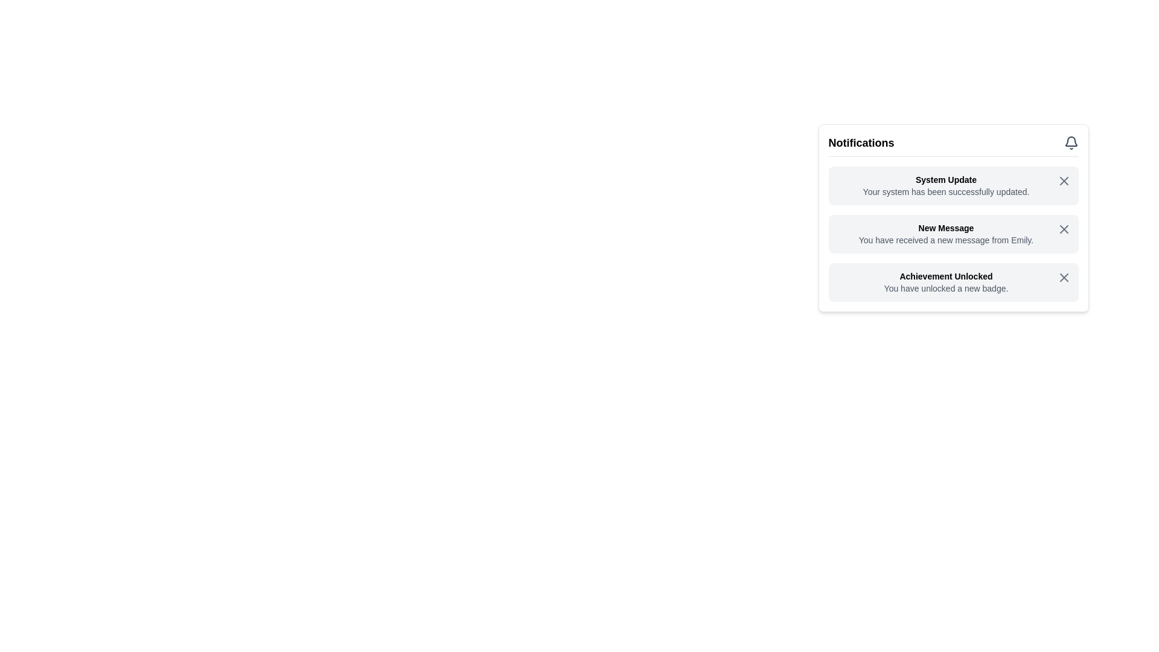 The height and width of the screenshot is (652, 1159). I want to click on the text label displaying 'Achievement Unlocked' in bold black font located within the third notification of the 'Notifications' panel, so click(945, 276).